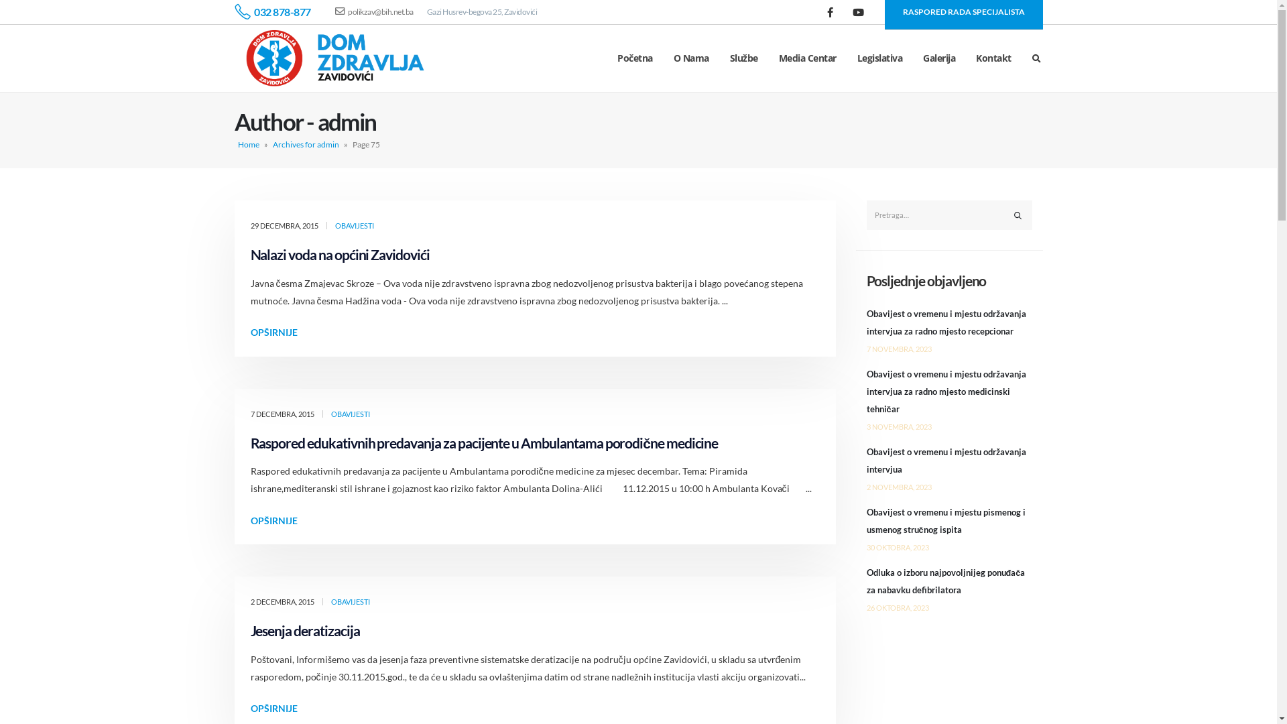 This screenshot has height=724, width=1287. I want to click on 'Archives for admin', so click(304, 144).